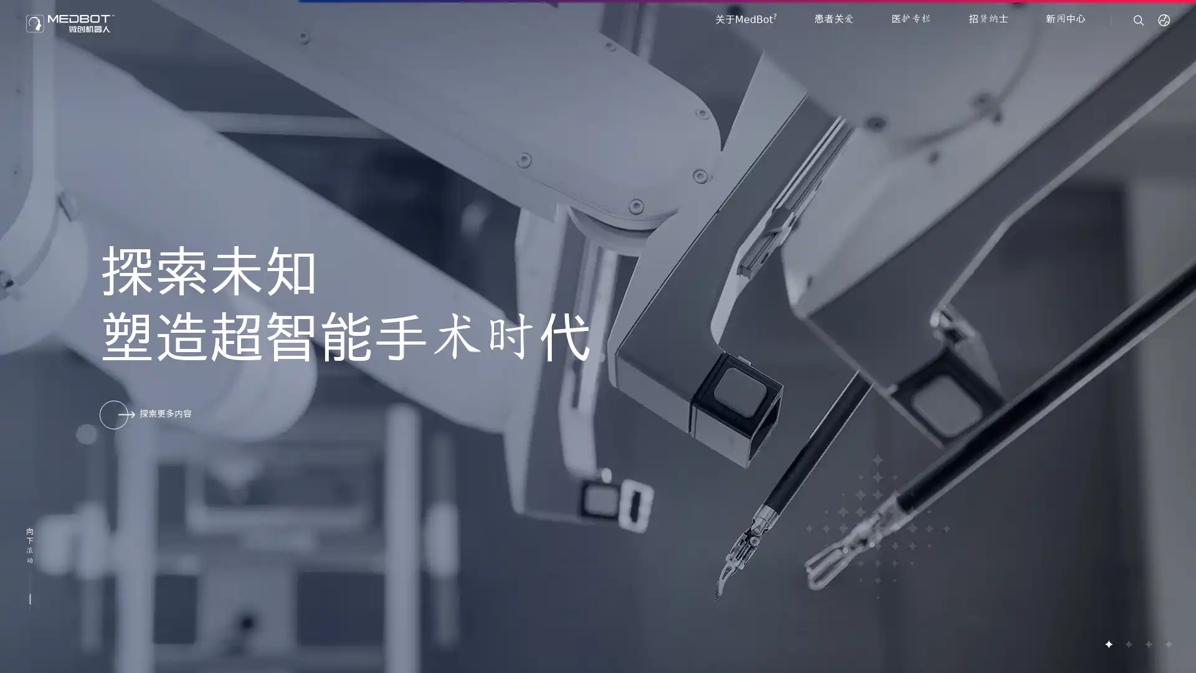 Image resolution: width=1196 pixels, height=673 pixels. Describe the element at coordinates (1127, 644) in the screenshot. I see `Go to slide 2` at that location.